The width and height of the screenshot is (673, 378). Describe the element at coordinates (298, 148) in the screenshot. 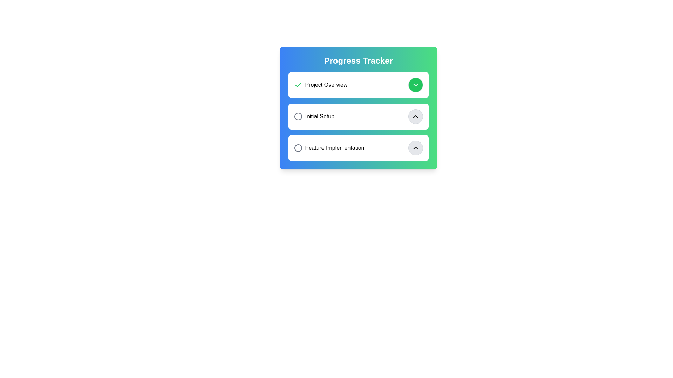

I see `the circular indicator for the 'Feature Implementation' task in the progress tracker` at that location.